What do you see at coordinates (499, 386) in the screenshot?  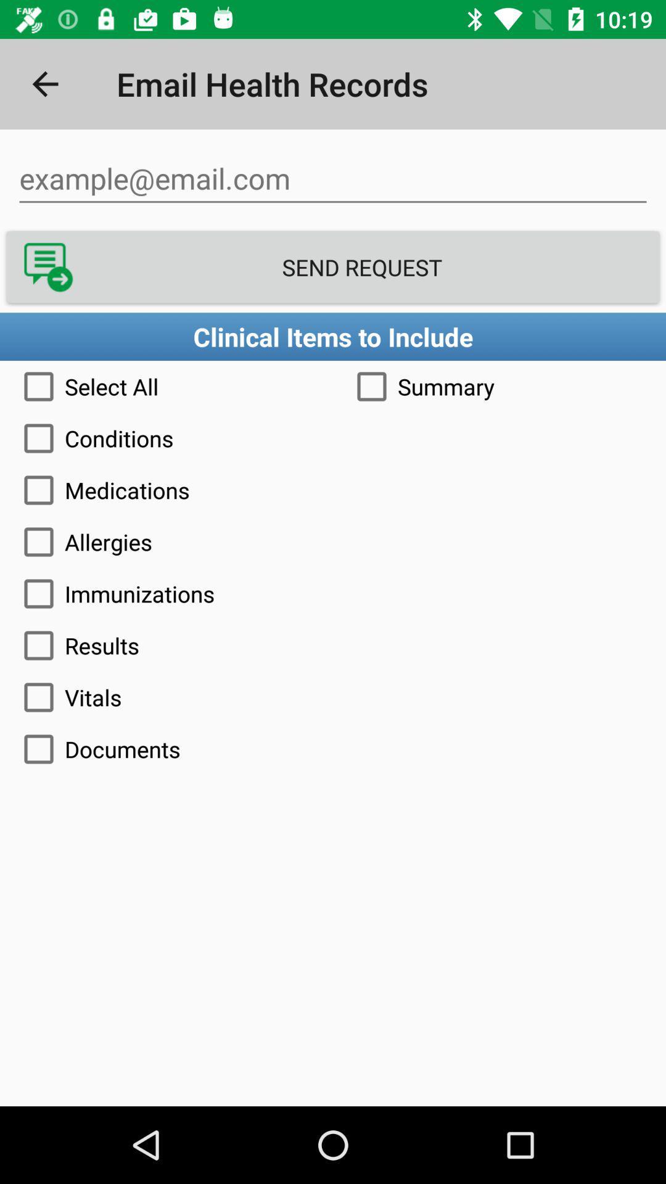 I see `item above the conditions item` at bounding box center [499, 386].